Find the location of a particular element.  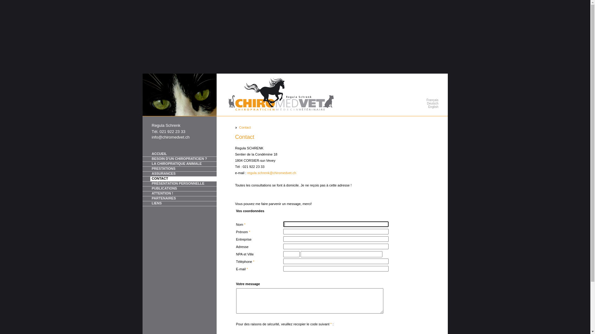

'PRESTATIONS' is located at coordinates (183, 169).